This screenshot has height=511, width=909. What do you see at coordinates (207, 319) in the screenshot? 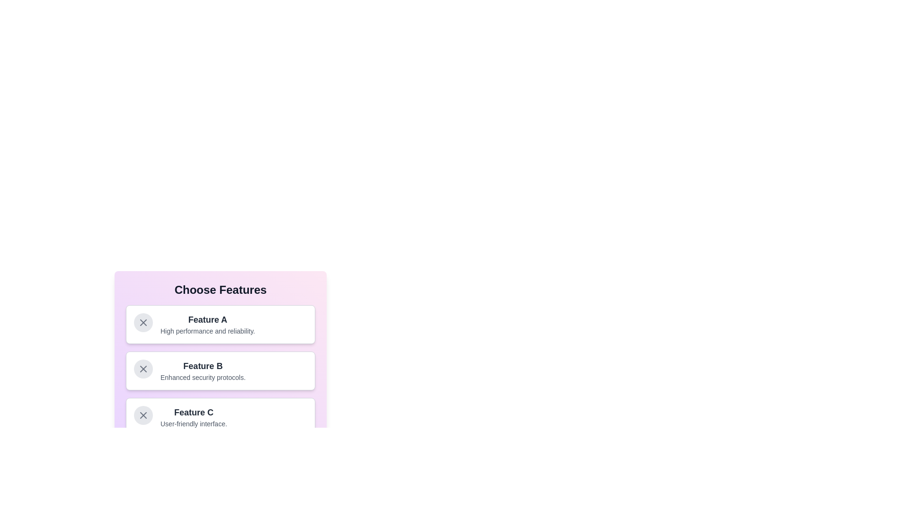
I see `the Text label that serves as the title for the feature card, which is centrally positioned at the top of the card component below the header 'Choose Features'` at bounding box center [207, 319].